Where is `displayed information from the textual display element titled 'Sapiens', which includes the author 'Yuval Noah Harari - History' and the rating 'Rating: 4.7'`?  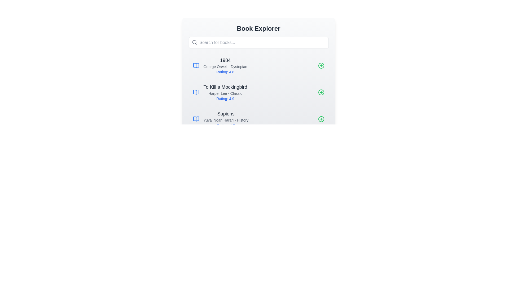 displayed information from the textual display element titled 'Sapiens', which includes the author 'Yuval Noah Harari - History' and the rating 'Rating: 4.7' is located at coordinates (226, 119).